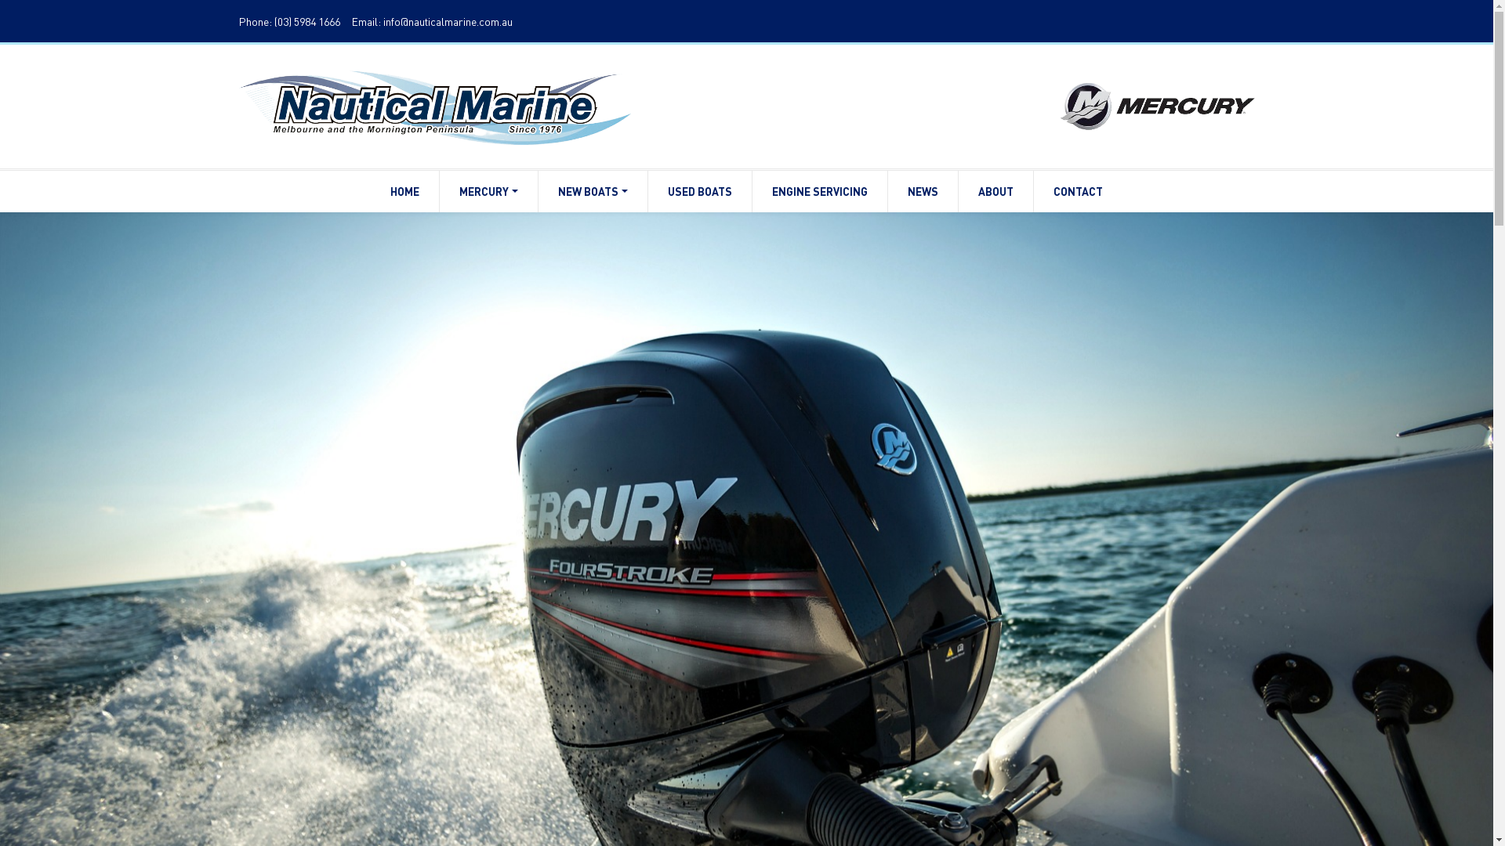 The image size is (1505, 846). Describe the element at coordinates (995, 190) in the screenshot. I see `'ABOUT'` at that location.